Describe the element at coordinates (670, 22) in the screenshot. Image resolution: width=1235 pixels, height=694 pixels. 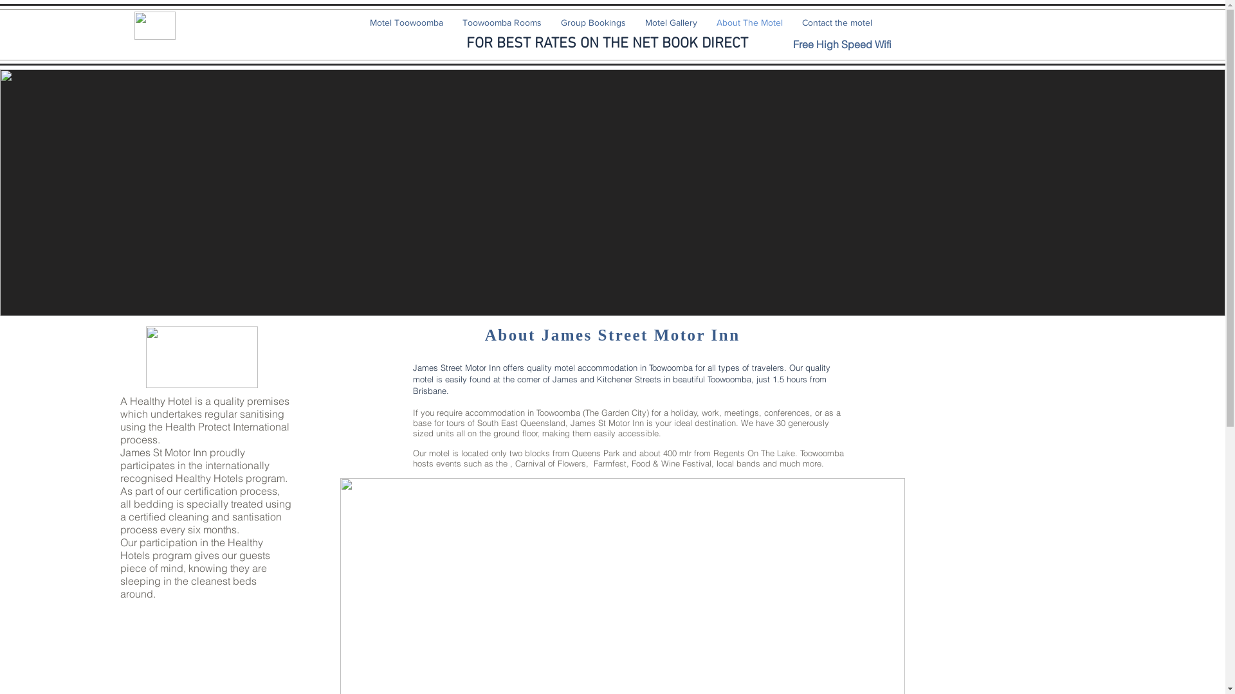
I see `'Motel Gallery'` at that location.